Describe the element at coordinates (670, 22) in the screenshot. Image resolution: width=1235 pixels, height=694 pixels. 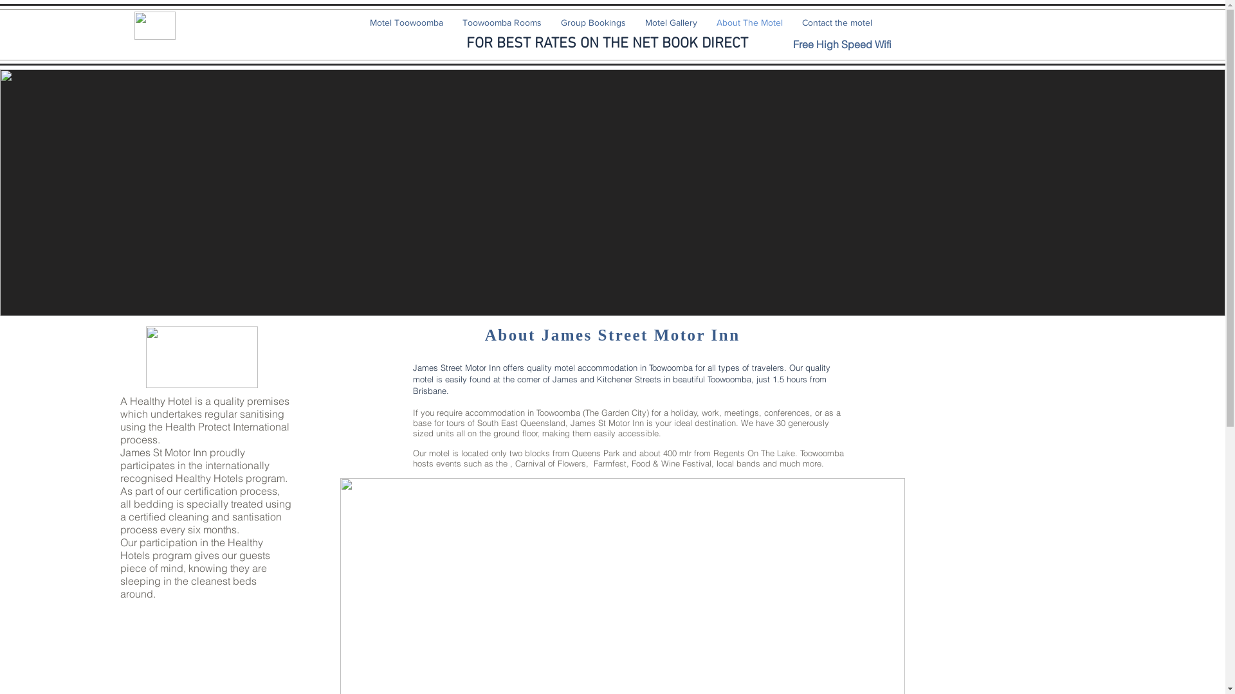
I see `'Motel Gallery'` at that location.